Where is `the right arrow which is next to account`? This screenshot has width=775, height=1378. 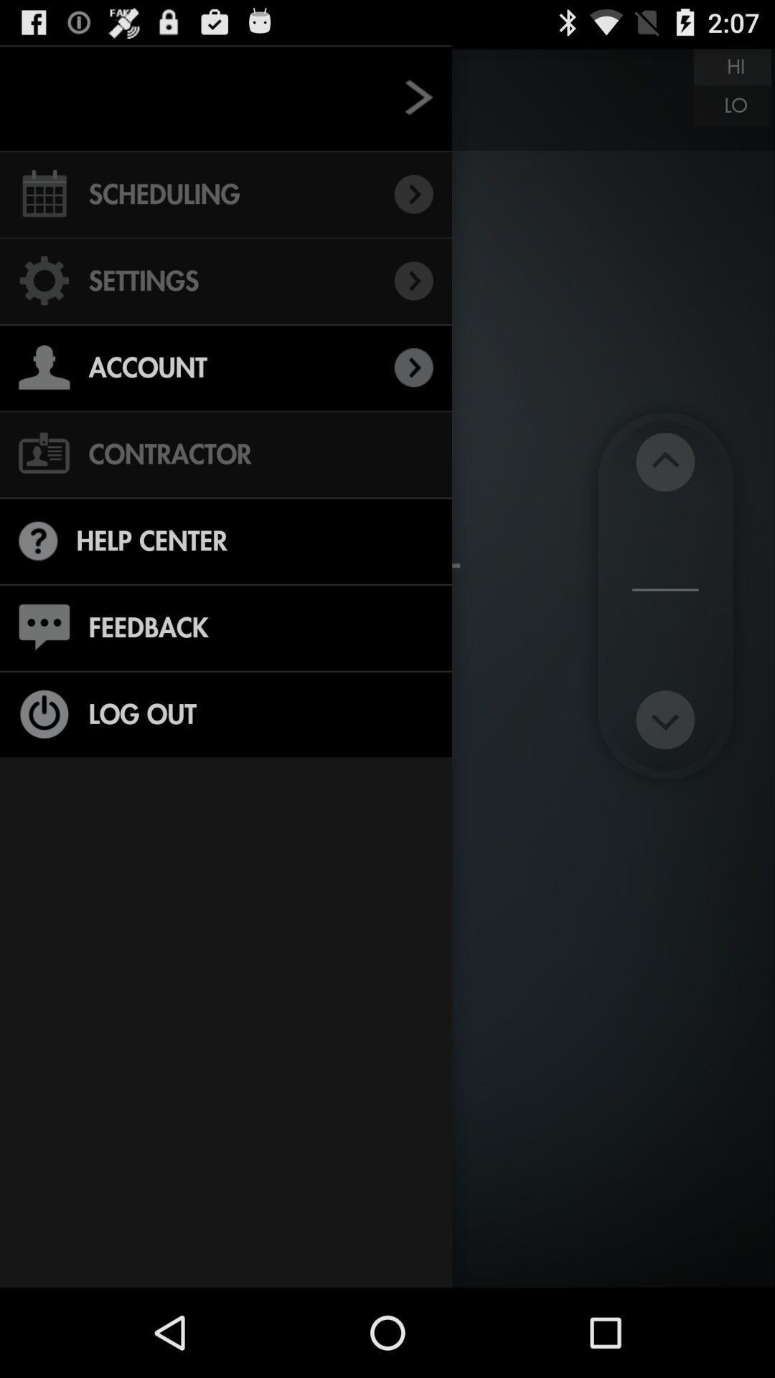
the right arrow which is next to account is located at coordinates (414, 367).